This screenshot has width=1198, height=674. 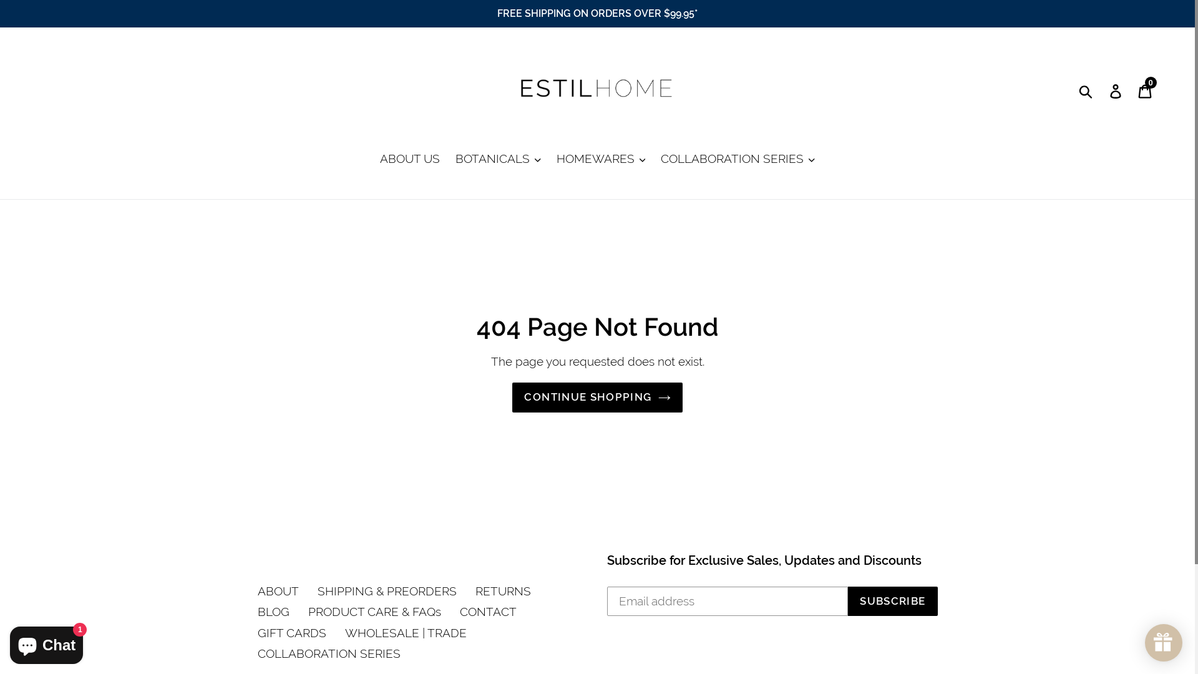 What do you see at coordinates (272, 610) in the screenshot?
I see `'BLOG'` at bounding box center [272, 610].